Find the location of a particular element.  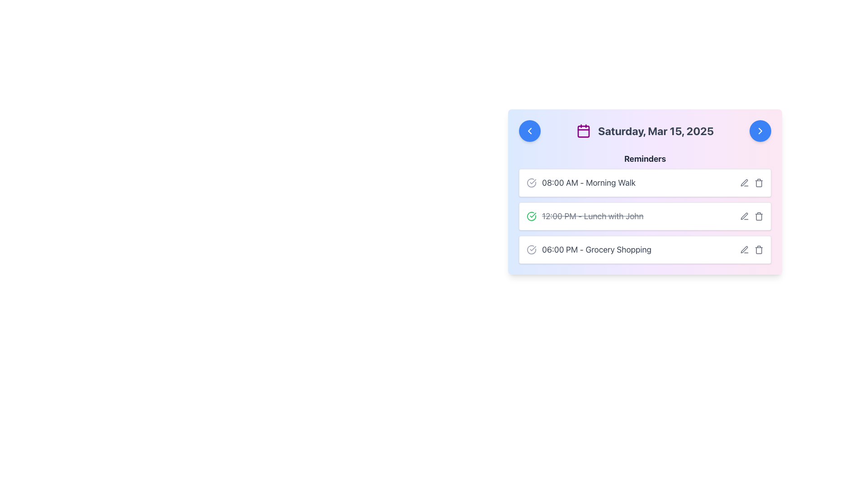

the icon of the scheduled reminder labeled '06:00 PM - Grocery Shopping' to mark it as completed is located at coordinates (589, 249).